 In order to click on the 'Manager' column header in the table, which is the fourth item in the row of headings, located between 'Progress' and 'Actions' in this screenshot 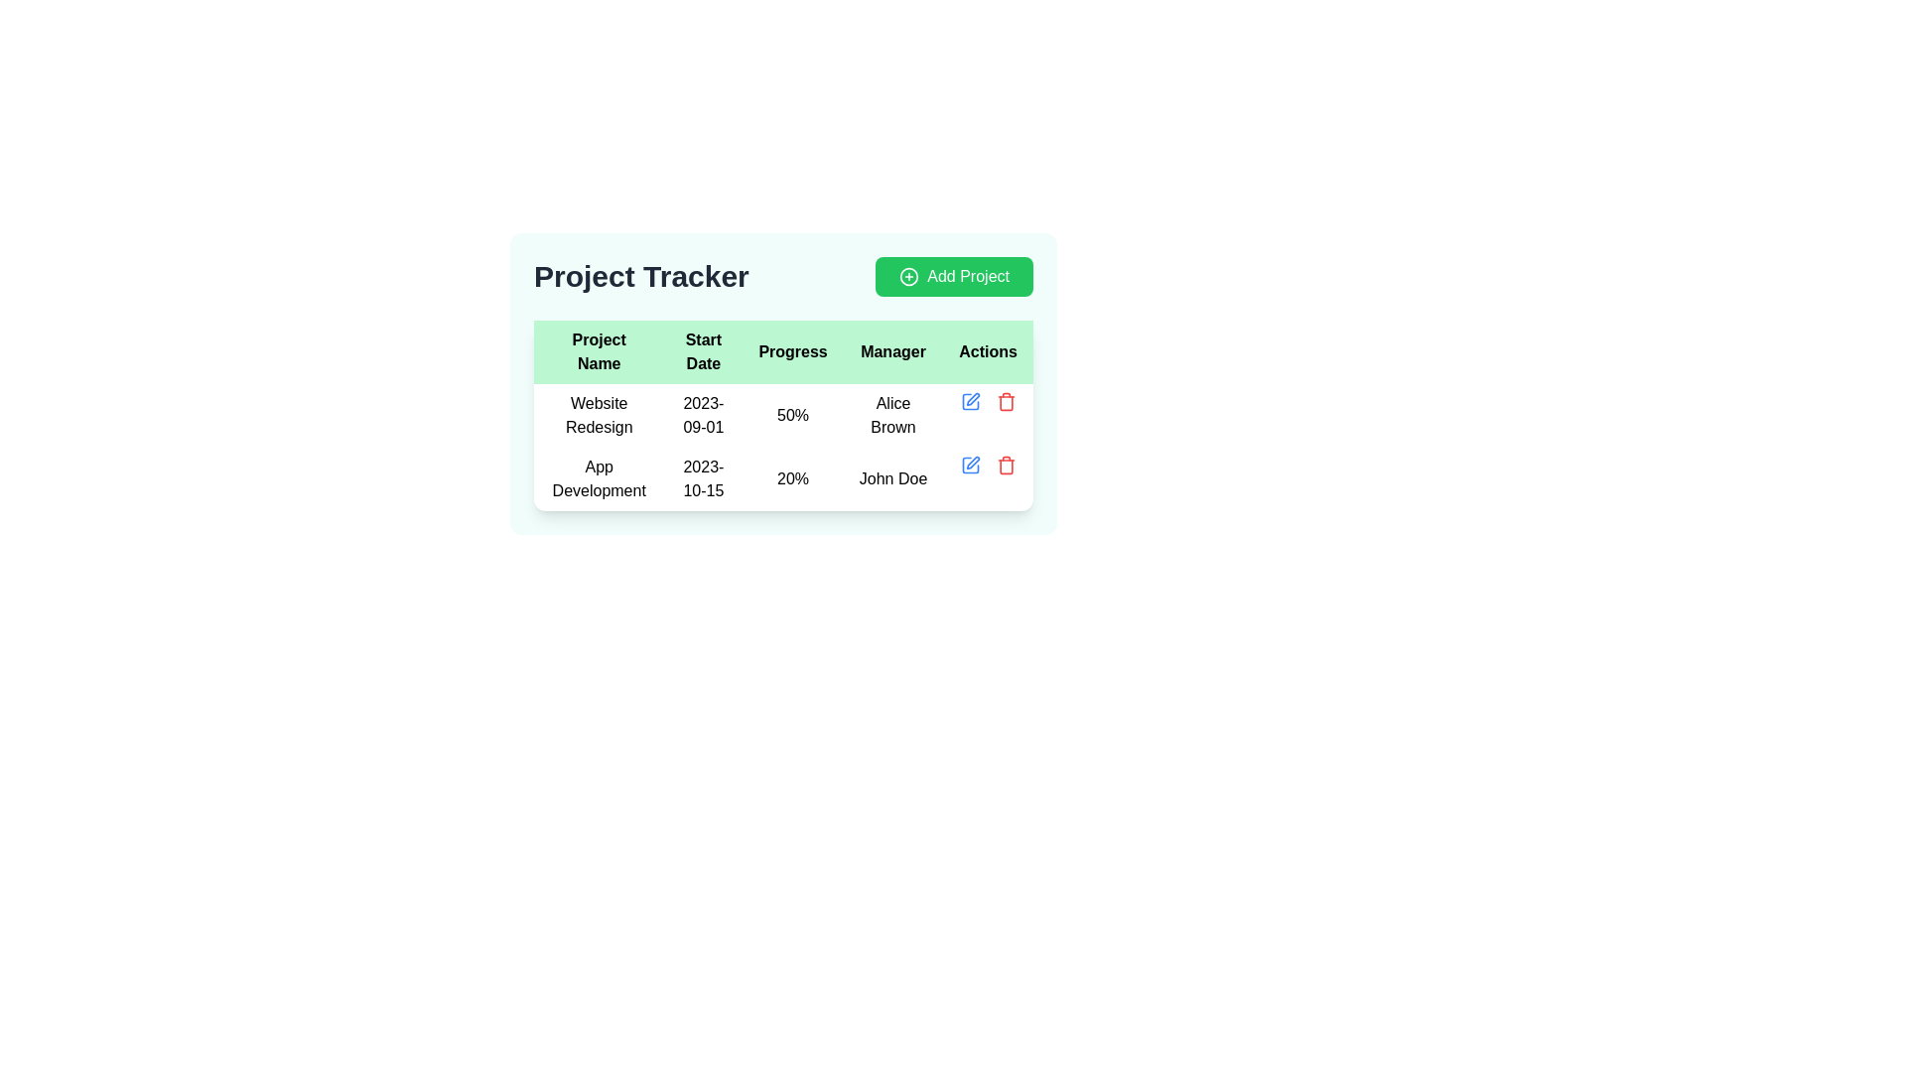, I will do `click(892, 350)`.